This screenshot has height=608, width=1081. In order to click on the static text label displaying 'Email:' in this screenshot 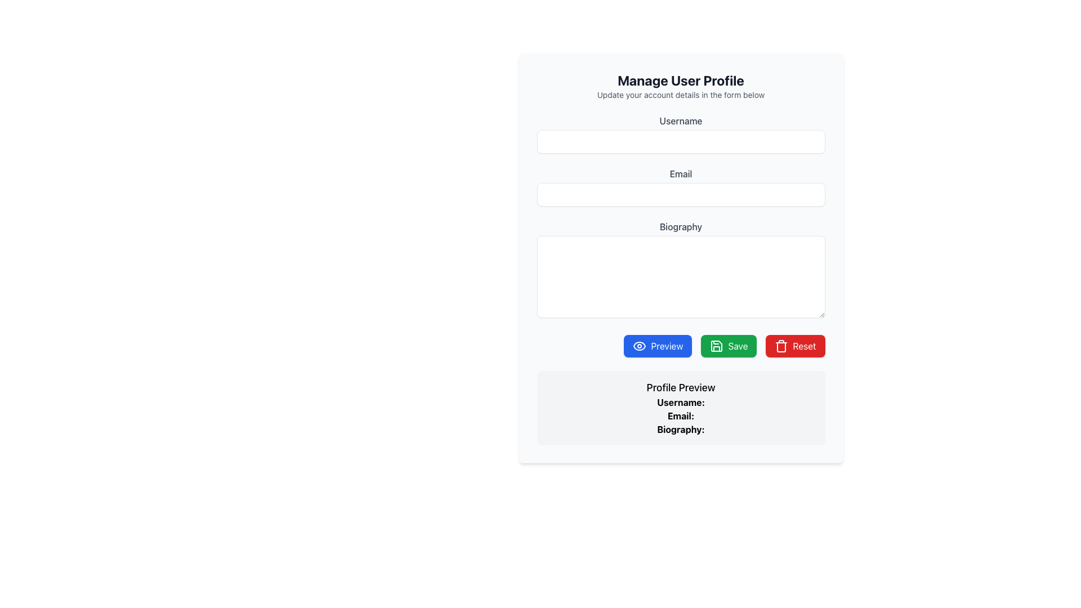, I will do `click(680, 416)`.